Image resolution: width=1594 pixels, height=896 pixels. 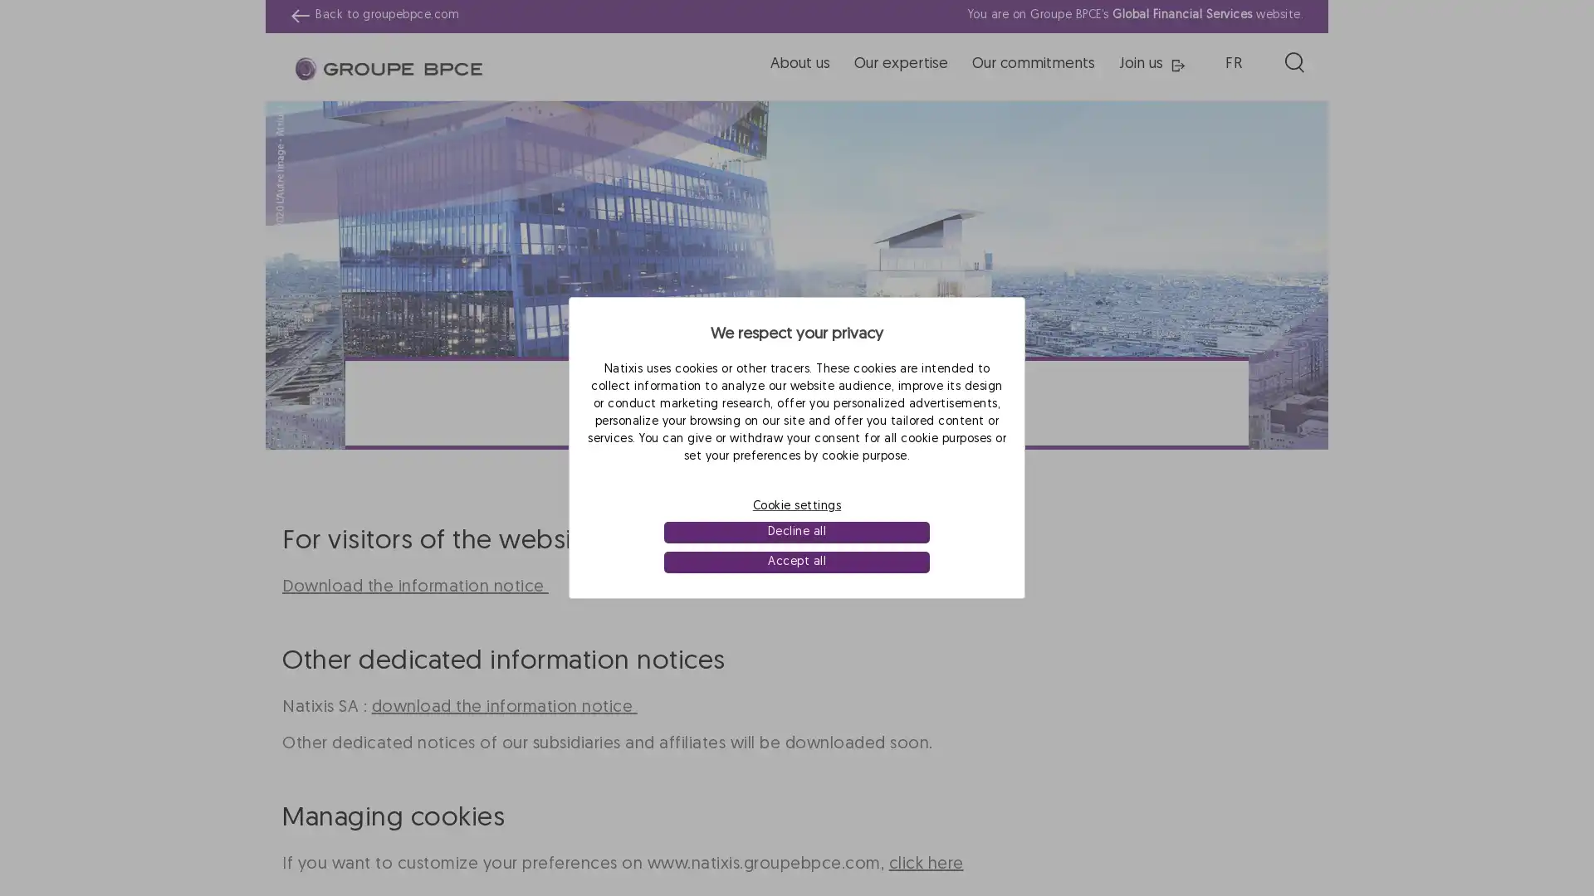 I want to click on Accept all, so click(x=795, y=562).